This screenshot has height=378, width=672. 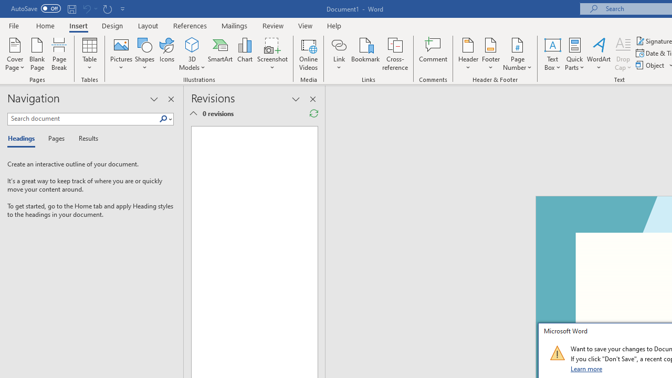 What do you see at coordinates (121, 54) in the screenshot?
I see `'Pictures'` at bounding box center [121, 54].